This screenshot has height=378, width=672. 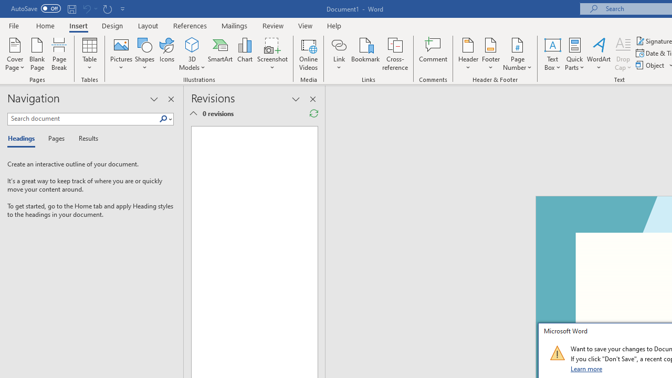 What do you see at coordinates (121, 54) in the screenshot?
I see `'Pictures'` at bounding box center [121, 54].